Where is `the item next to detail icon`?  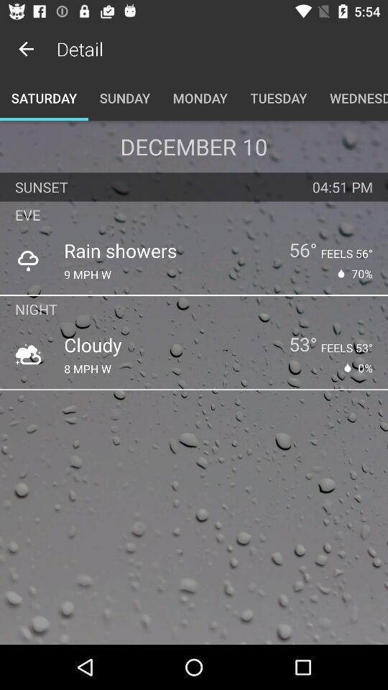
the item next to detail icon is located at coordinates (26, 49).